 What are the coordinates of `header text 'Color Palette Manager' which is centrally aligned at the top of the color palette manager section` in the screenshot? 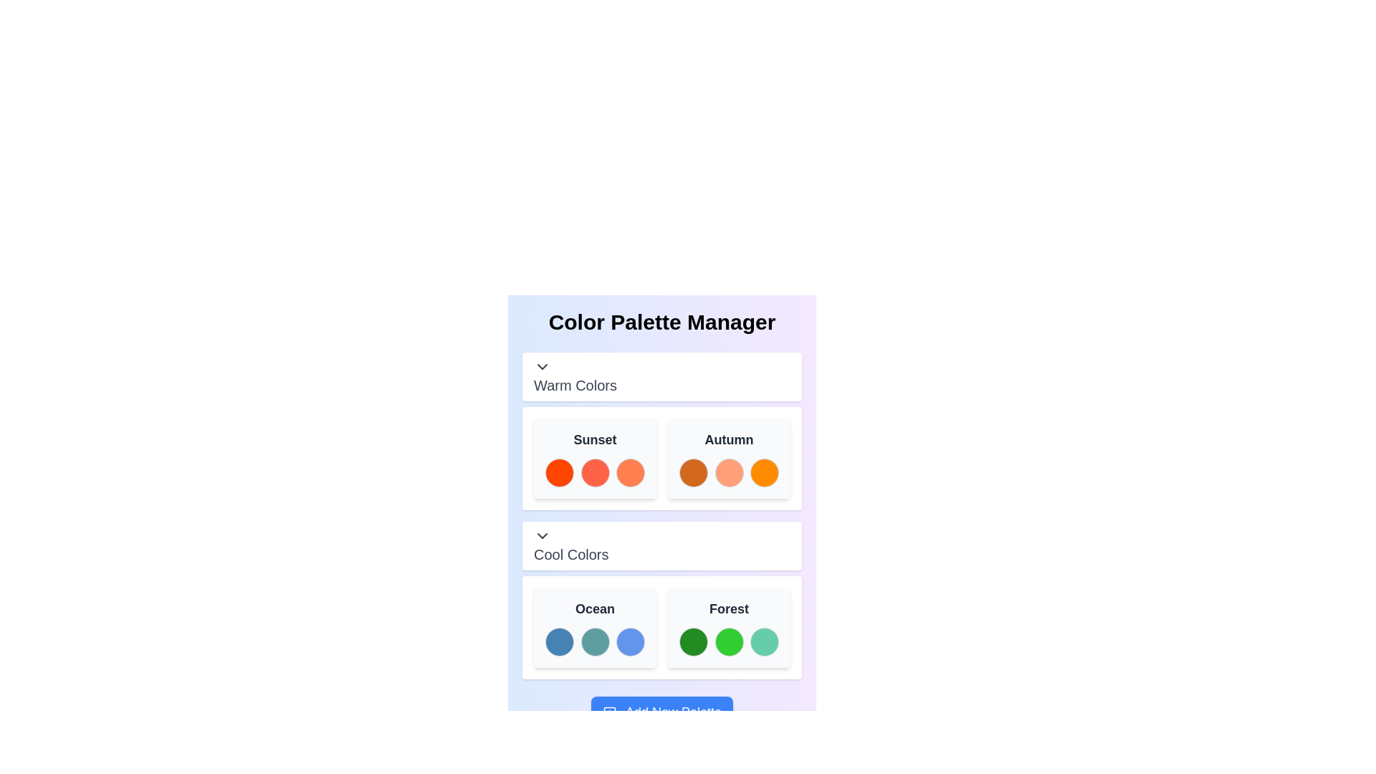 It's located at (661, 322).